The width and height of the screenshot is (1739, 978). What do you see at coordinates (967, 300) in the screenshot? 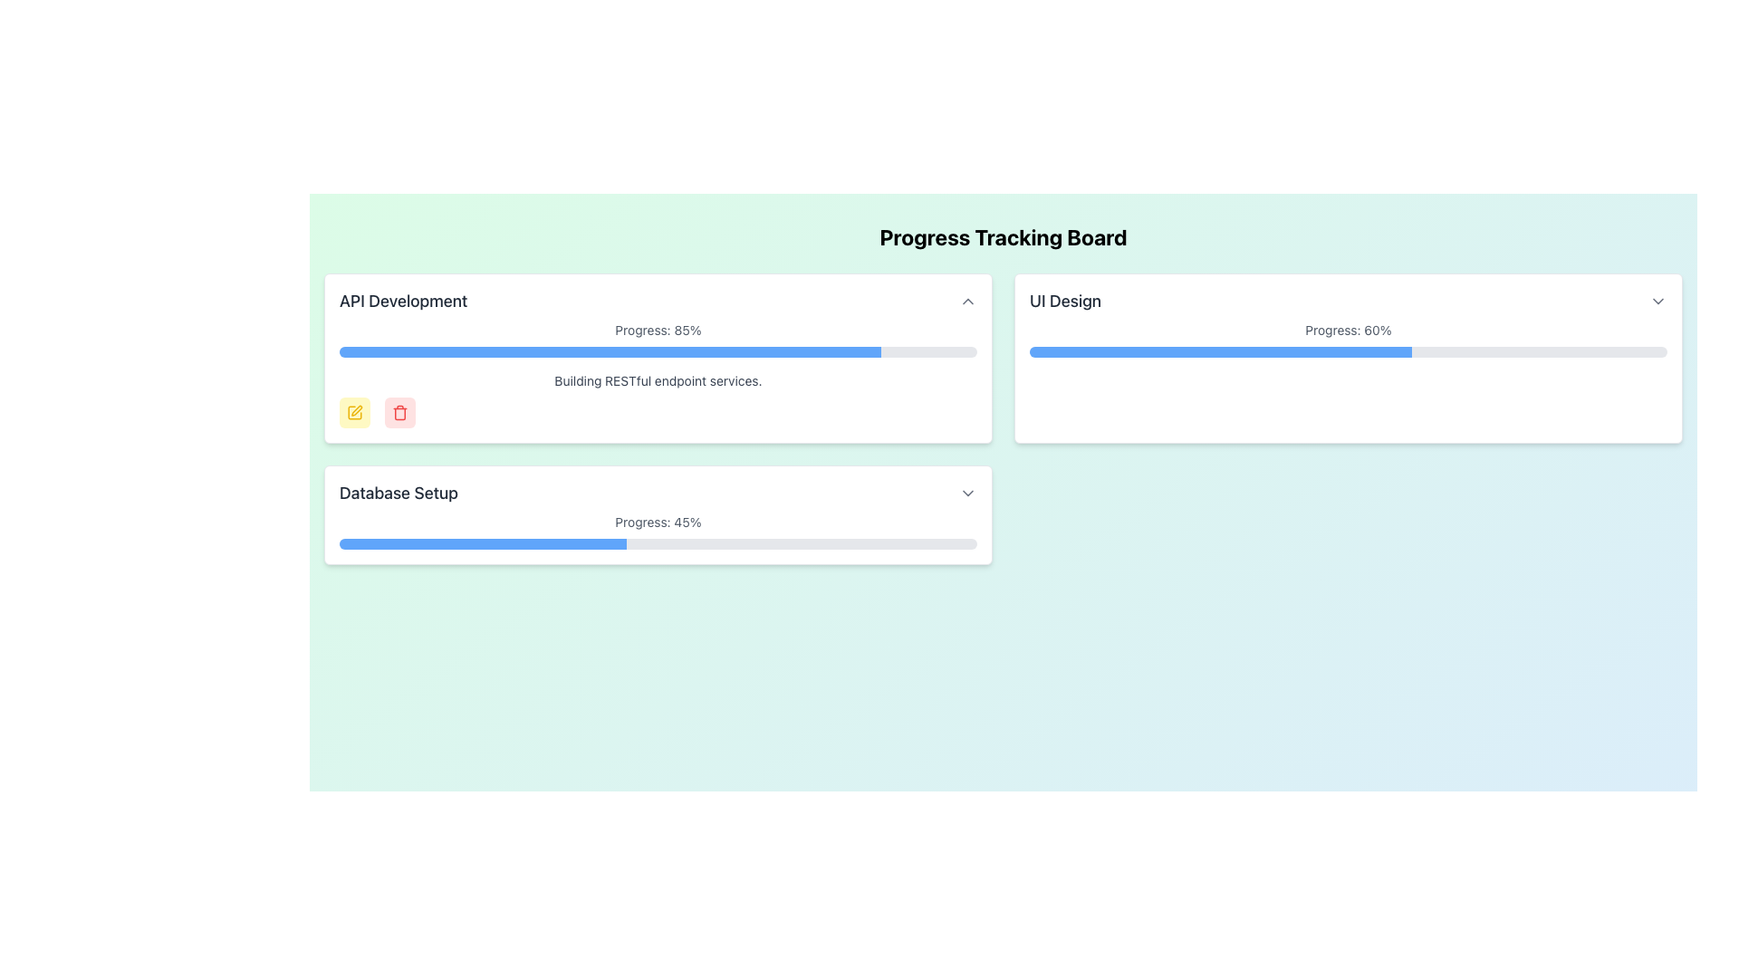
I see `the chevron icon located in the top-right corner of the 'API Development' section` at bounding box center [967, 300].